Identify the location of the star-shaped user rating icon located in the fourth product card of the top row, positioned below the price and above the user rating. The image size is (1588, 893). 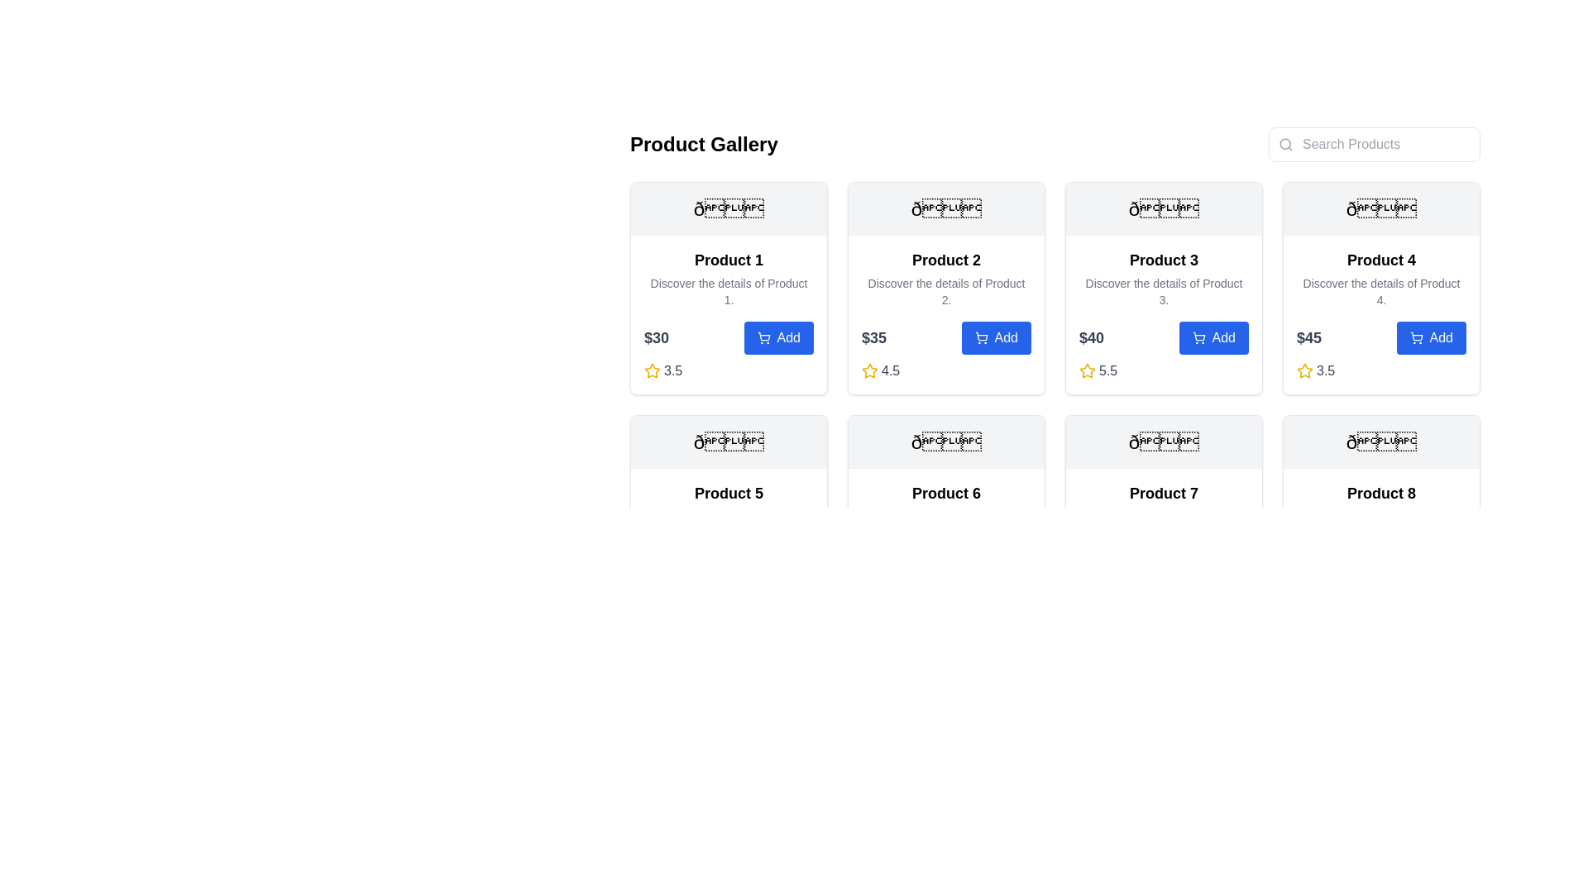
(1304, 370).